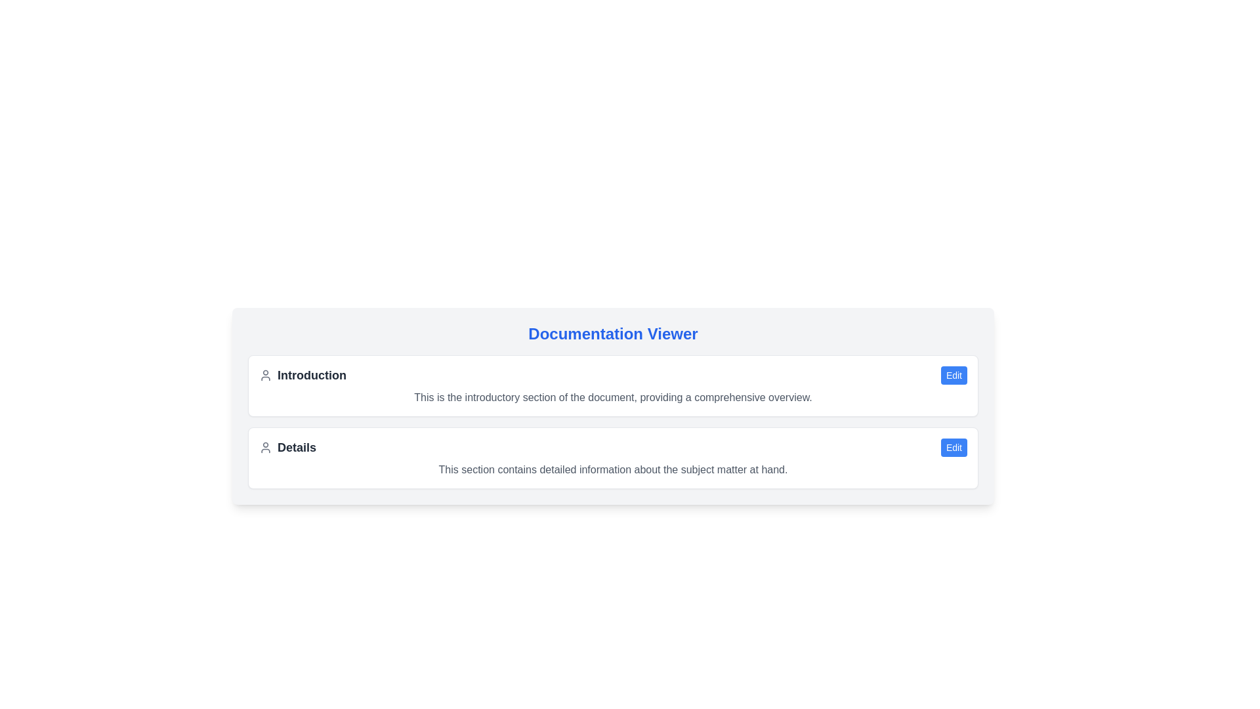 The image size is (1260, 709). I want to click on the 'Details' element containing a bold text label and an 'Edit' button to enable keyboard navigation, so click(612, 447).